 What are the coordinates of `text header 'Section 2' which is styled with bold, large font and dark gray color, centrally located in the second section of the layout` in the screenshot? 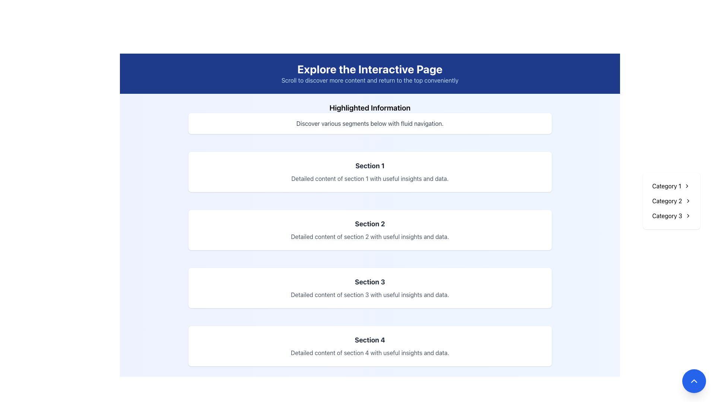 It's located at (370, 223).